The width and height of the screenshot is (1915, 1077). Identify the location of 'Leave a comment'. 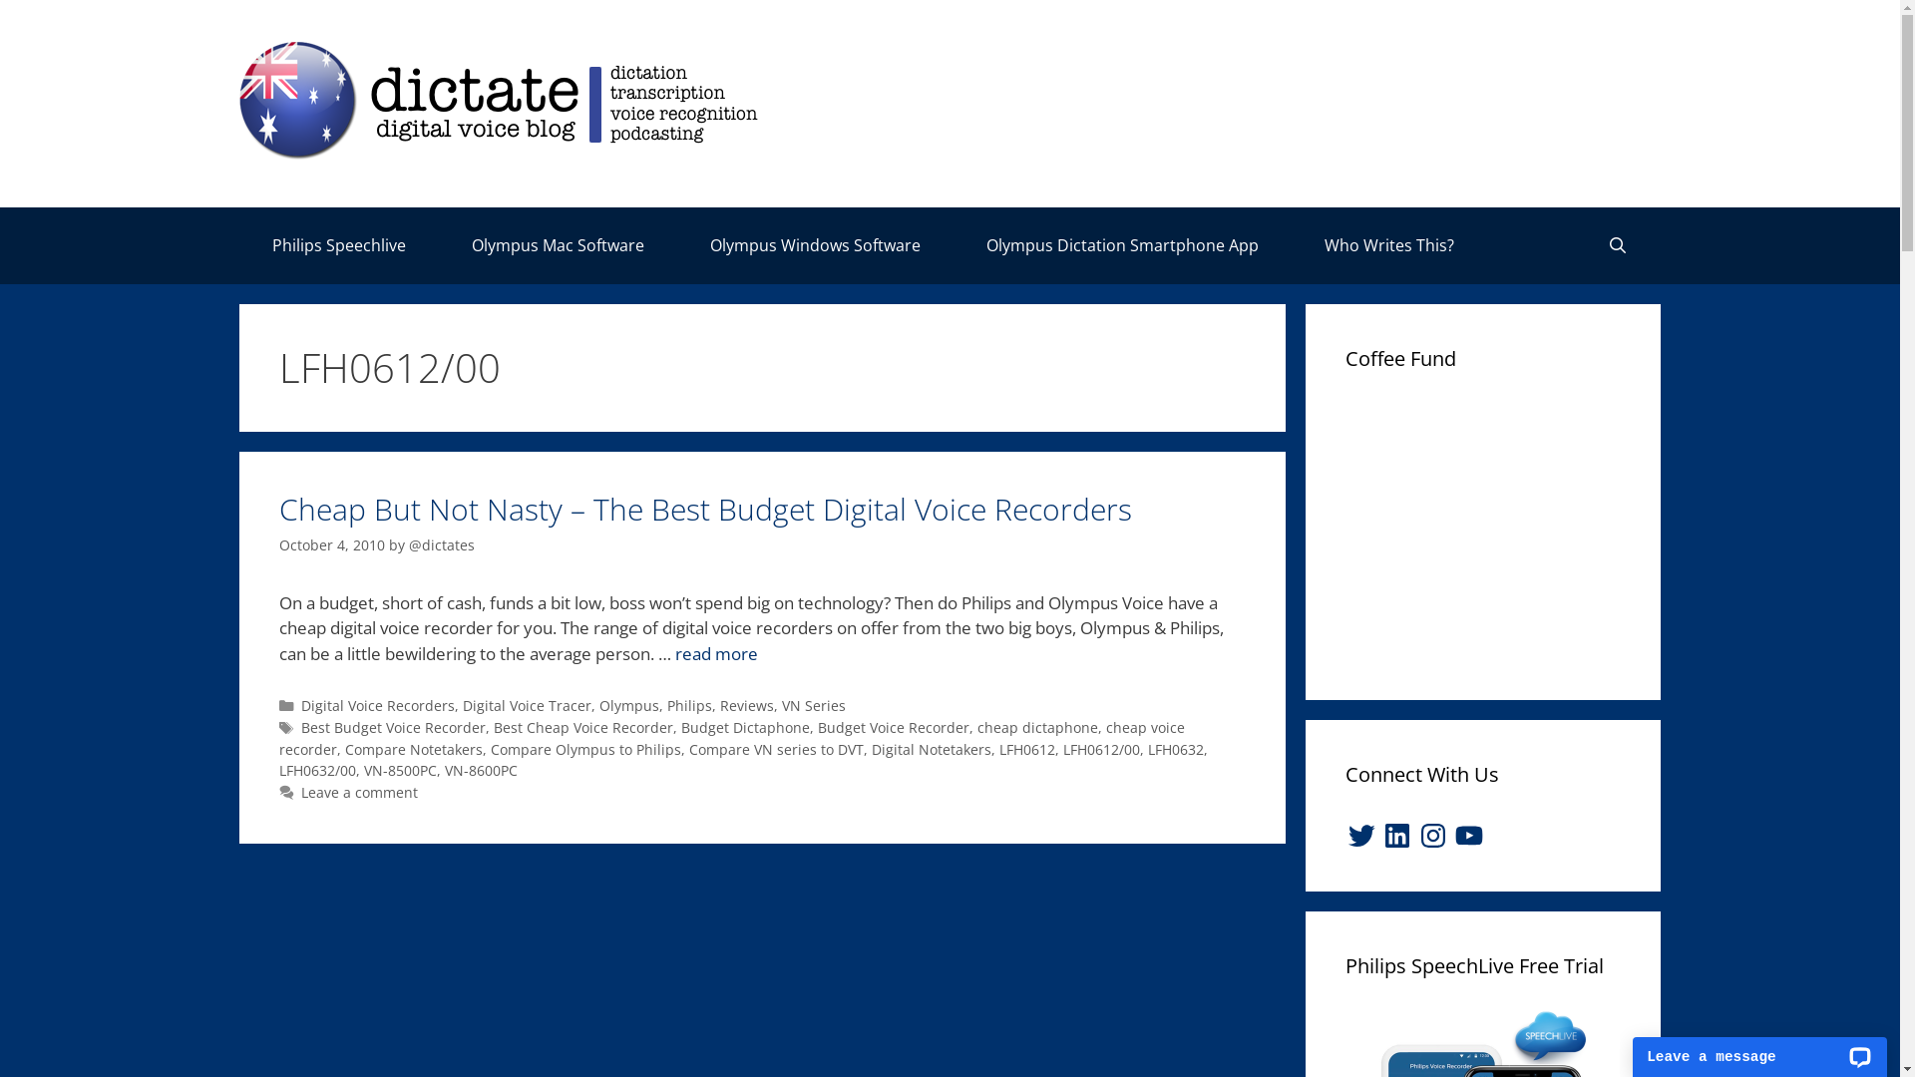
(300, 791).